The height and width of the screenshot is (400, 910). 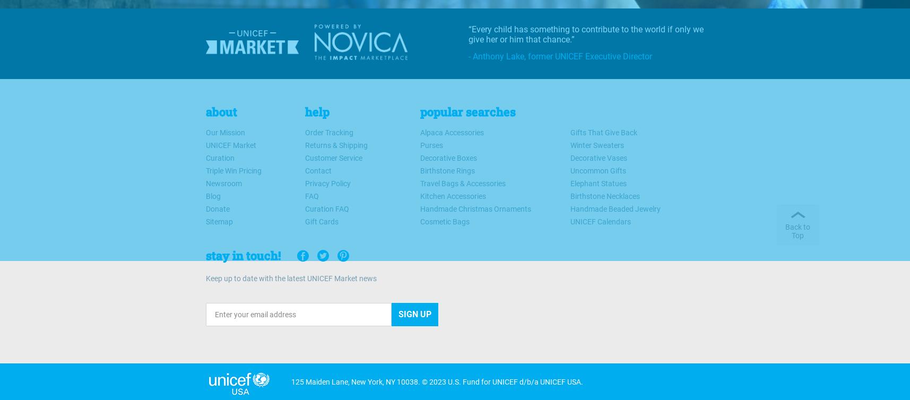 What do you see at coordinates (604, 195) in the screenshot?
I see `'Birthstone Necklaces'` at bounding box center [604, 195].